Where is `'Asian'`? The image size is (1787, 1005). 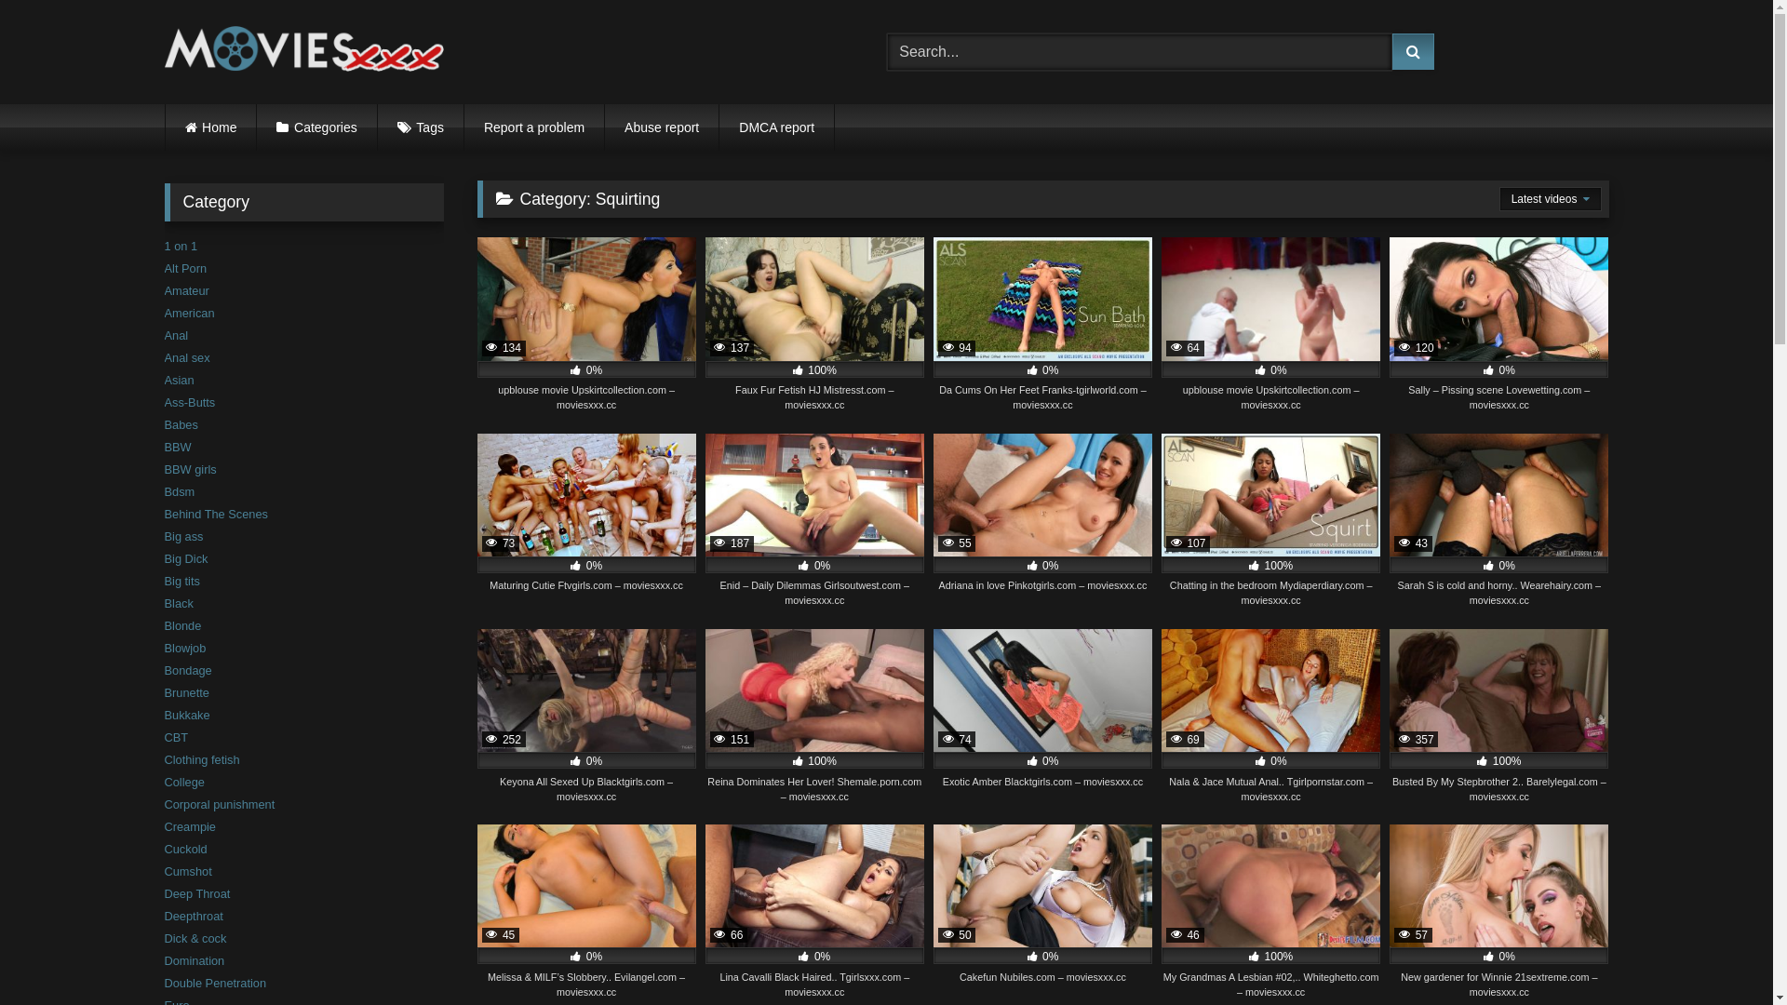 'Asian' is located at coordinates (179, 379).